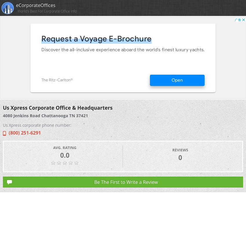 The height and width of the screenshot is (244, 246). What do you see at coordinates (72, 115) in the screenshot?
I see `'TN'` at bounding box center [72, 115].